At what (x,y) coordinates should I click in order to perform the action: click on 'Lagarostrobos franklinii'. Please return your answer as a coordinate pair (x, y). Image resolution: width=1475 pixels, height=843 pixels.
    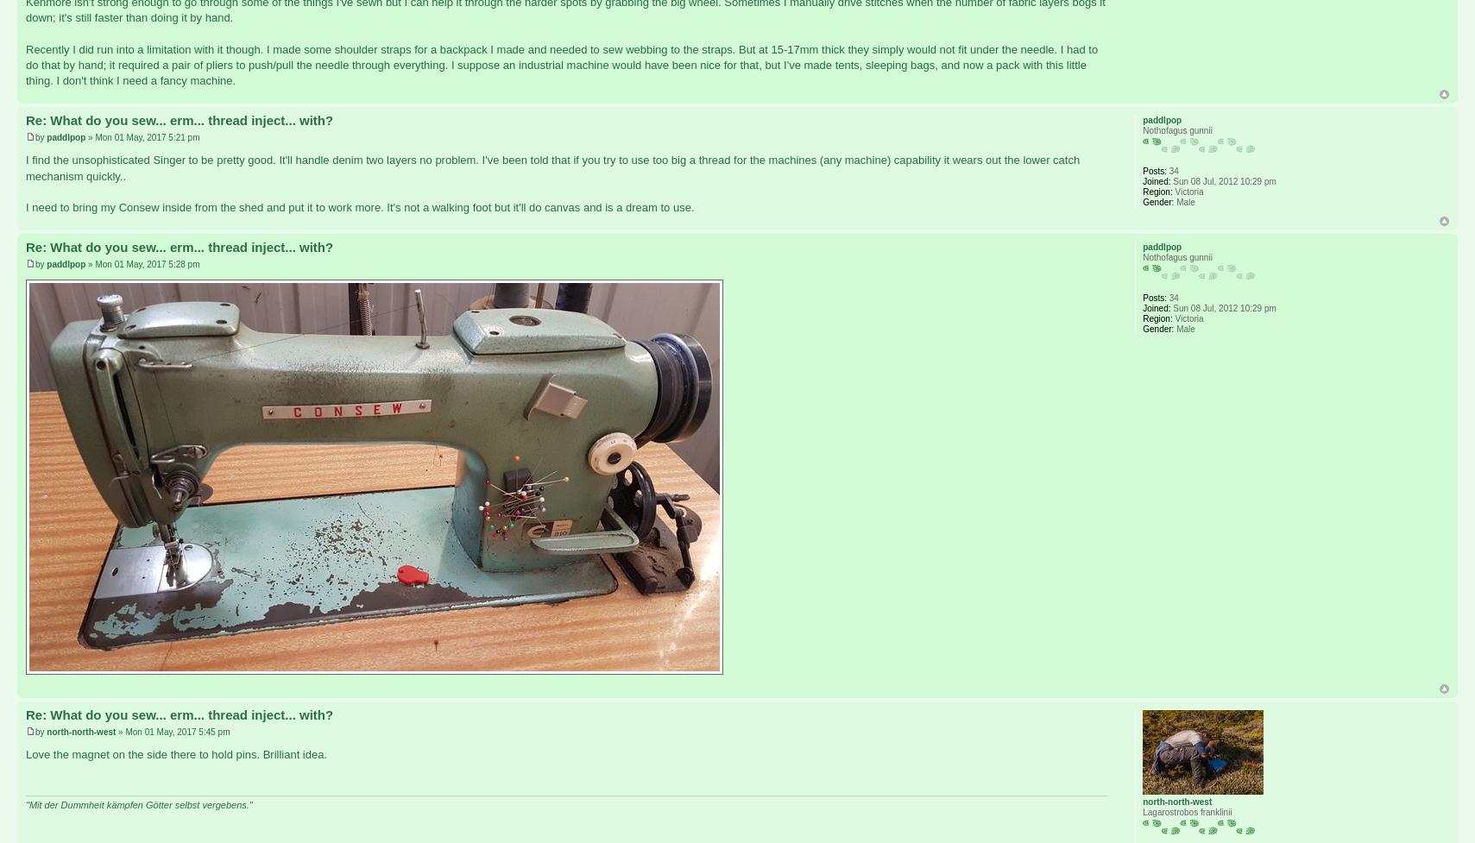
    Looking at the image, I should click on (1187, 810).